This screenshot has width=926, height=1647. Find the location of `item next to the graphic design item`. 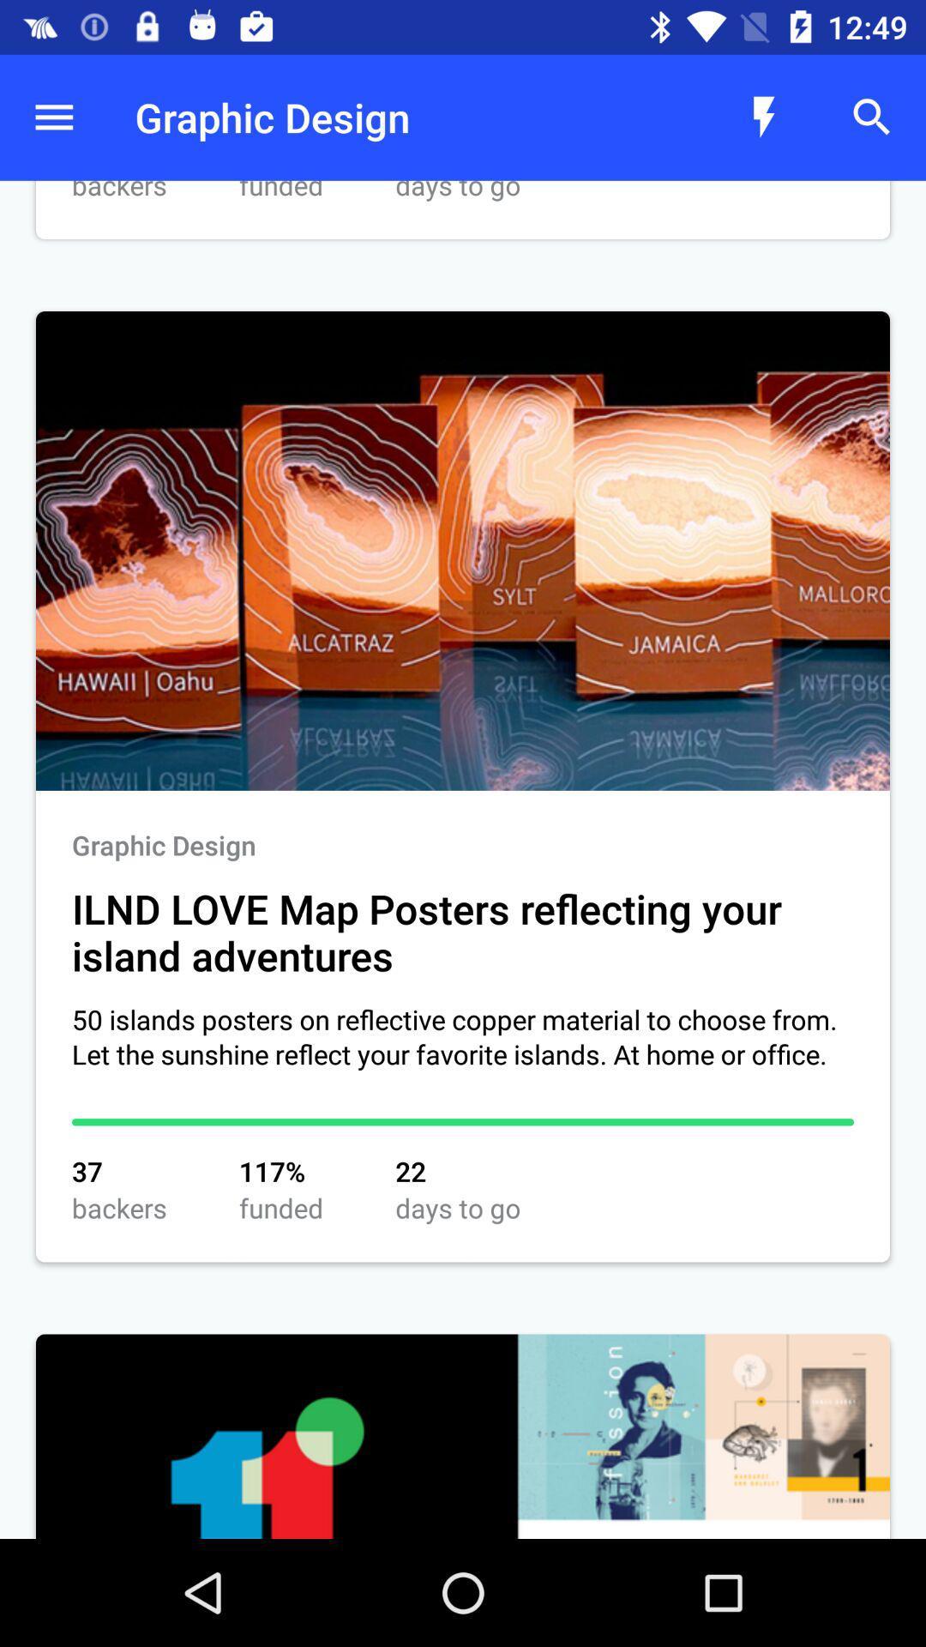

item next to the graphic design item is located at coordinates (52, 117).